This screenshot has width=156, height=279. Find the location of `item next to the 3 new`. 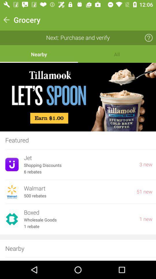

item next to the 3 new is located at coordinates (79, 158).